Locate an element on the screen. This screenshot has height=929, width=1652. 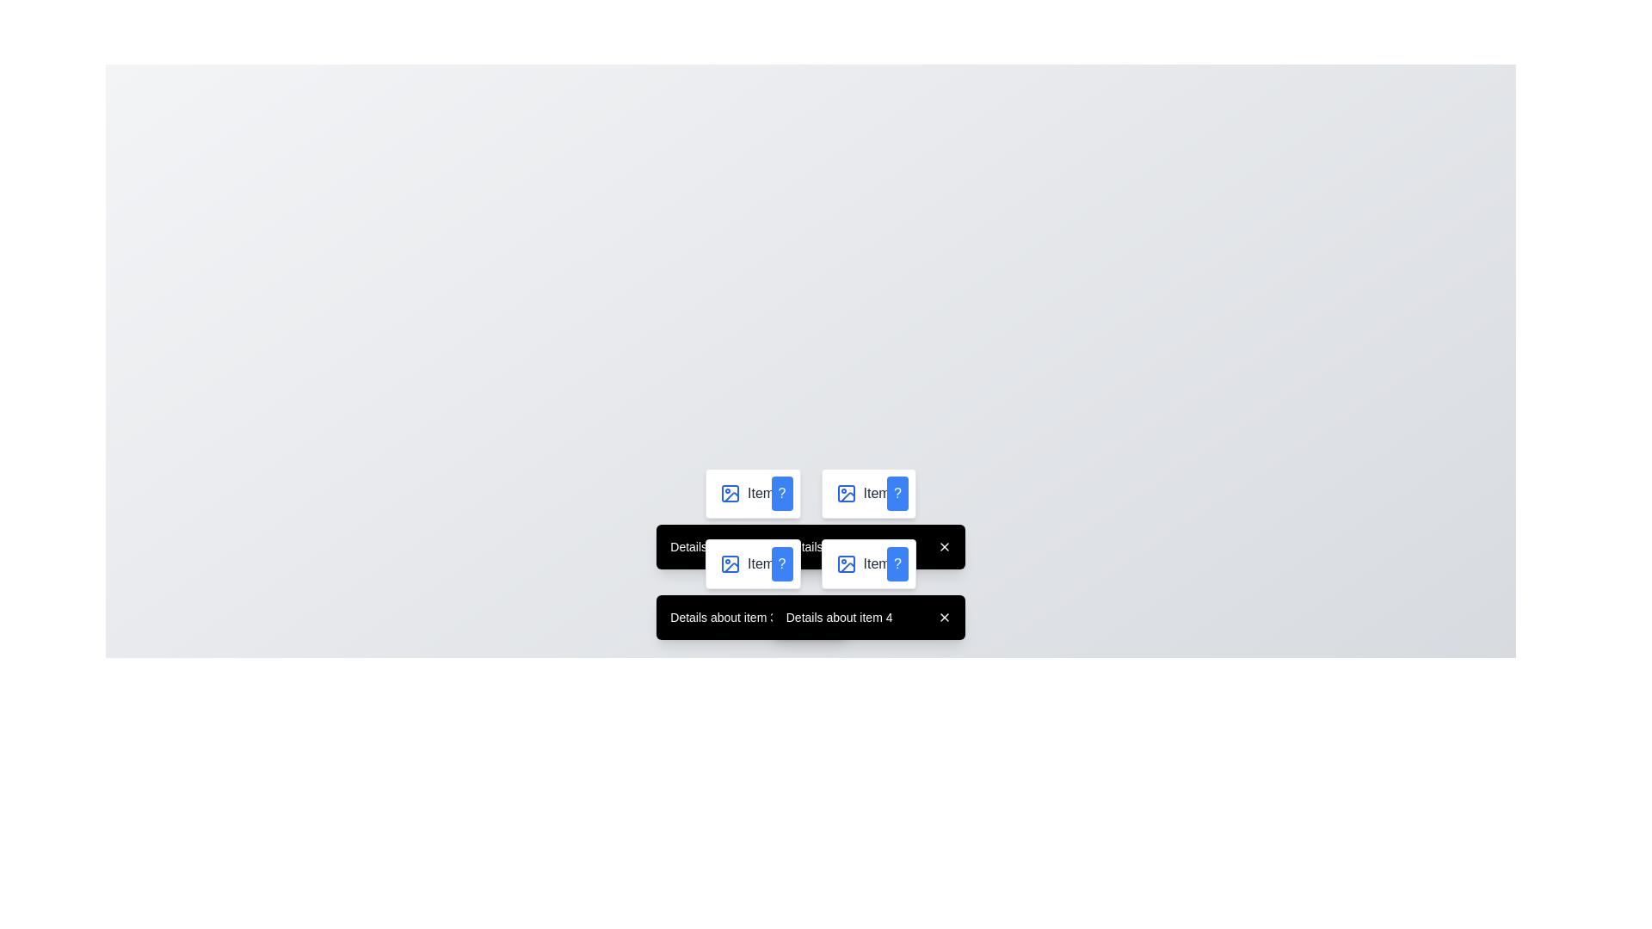
the fourth Label with an adjacent graphic icon located centrally in the middle row of elements within the card interface is located at coordinates (868, 563).